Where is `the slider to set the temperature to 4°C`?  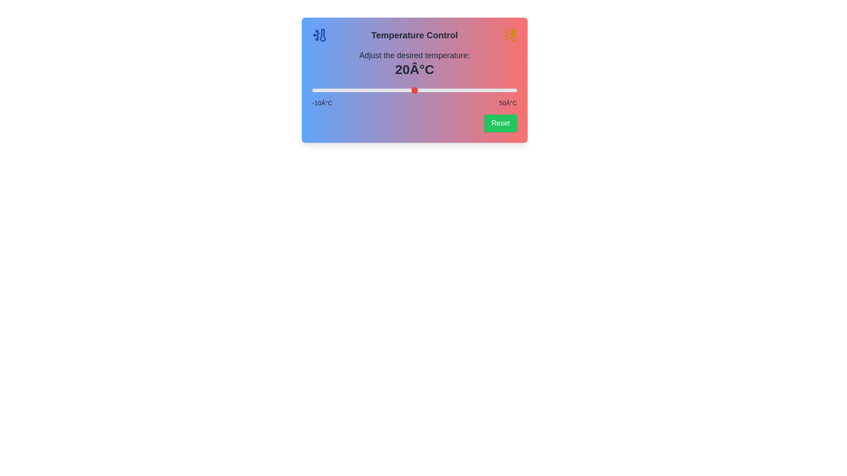
the slider to set the temperature to 4°C is located at coordinates (360, 90).